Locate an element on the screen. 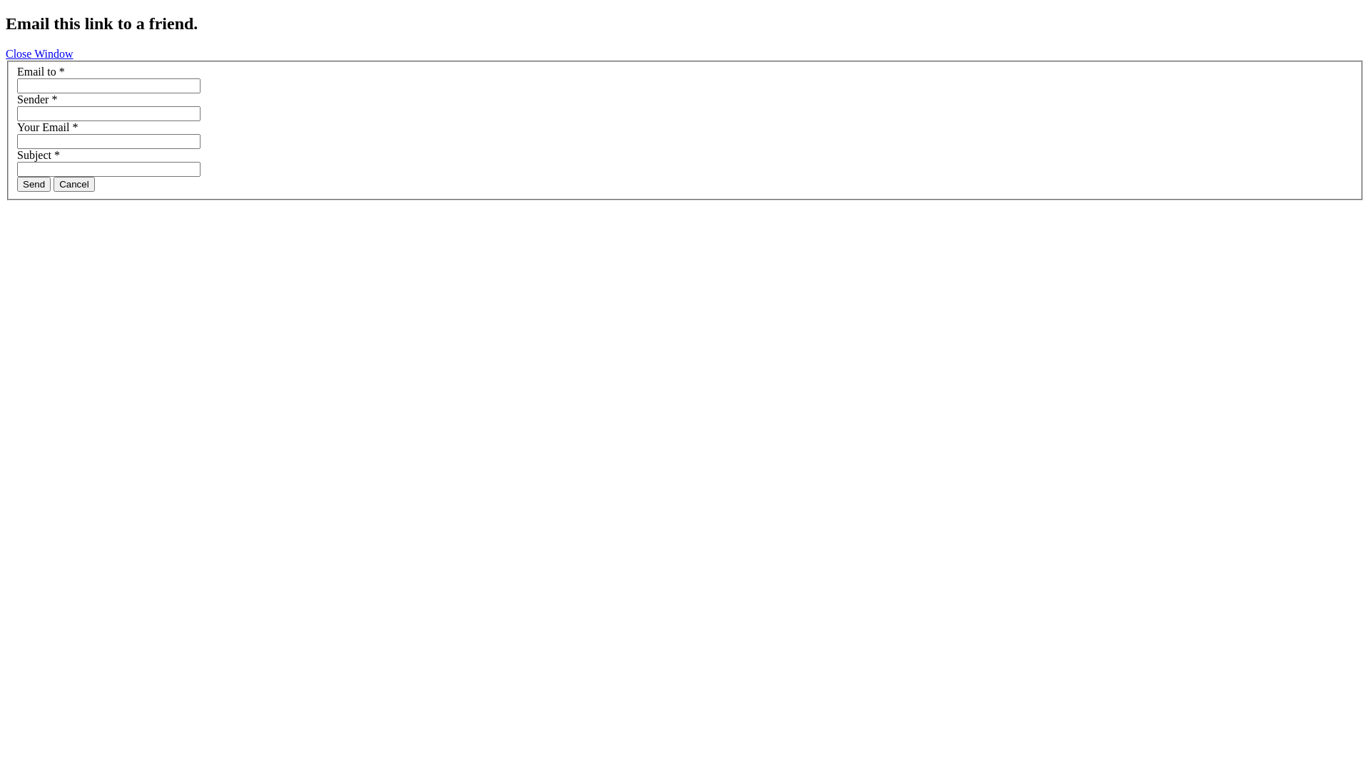 This screenshot has width=1370, height=770. 'Close Window' is located at coordinates (39, 53).